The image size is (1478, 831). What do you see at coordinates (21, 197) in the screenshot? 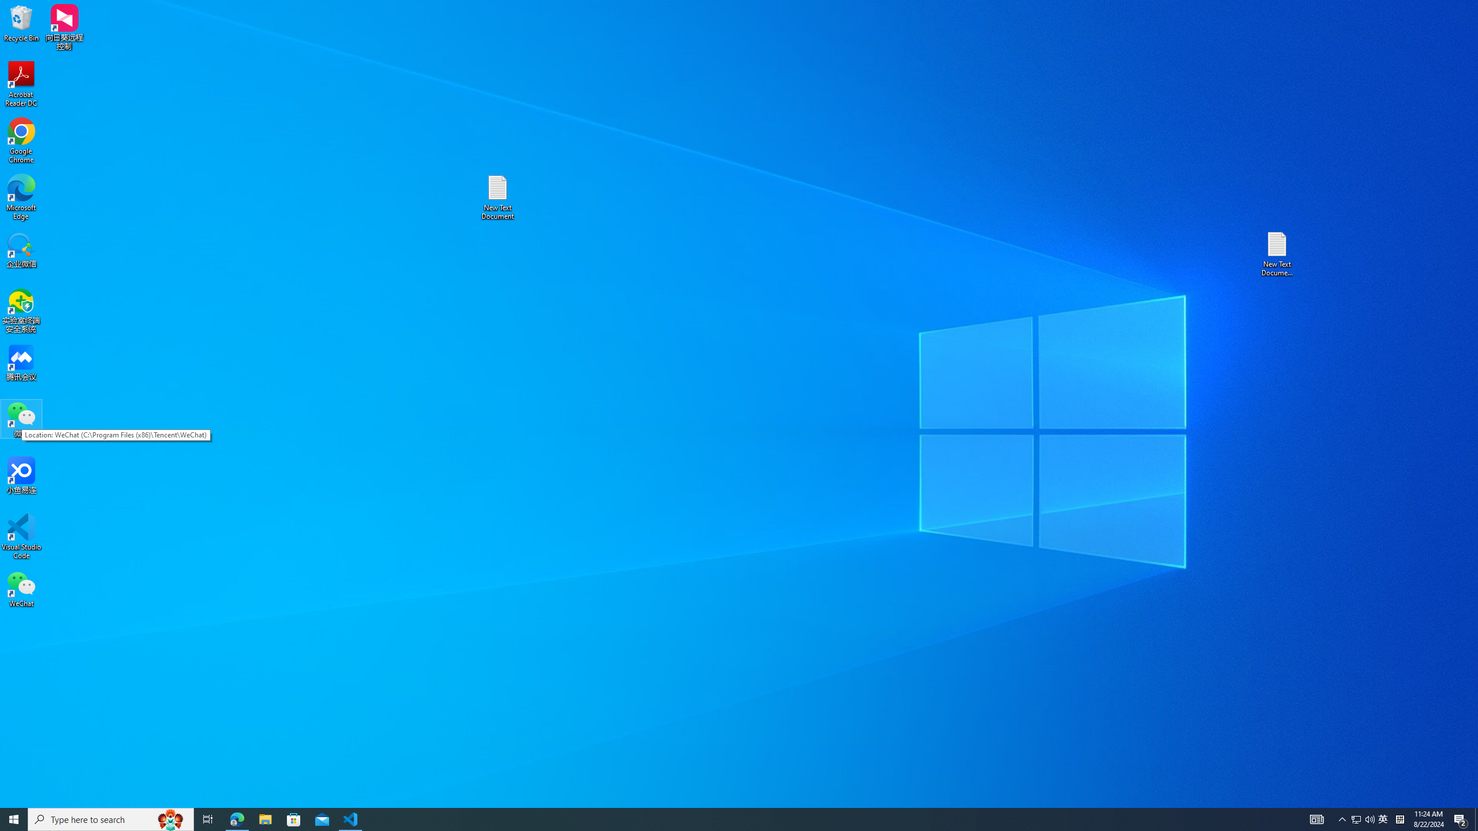
I see `'Microsoft Edge'` at bounding box center [21, 197].